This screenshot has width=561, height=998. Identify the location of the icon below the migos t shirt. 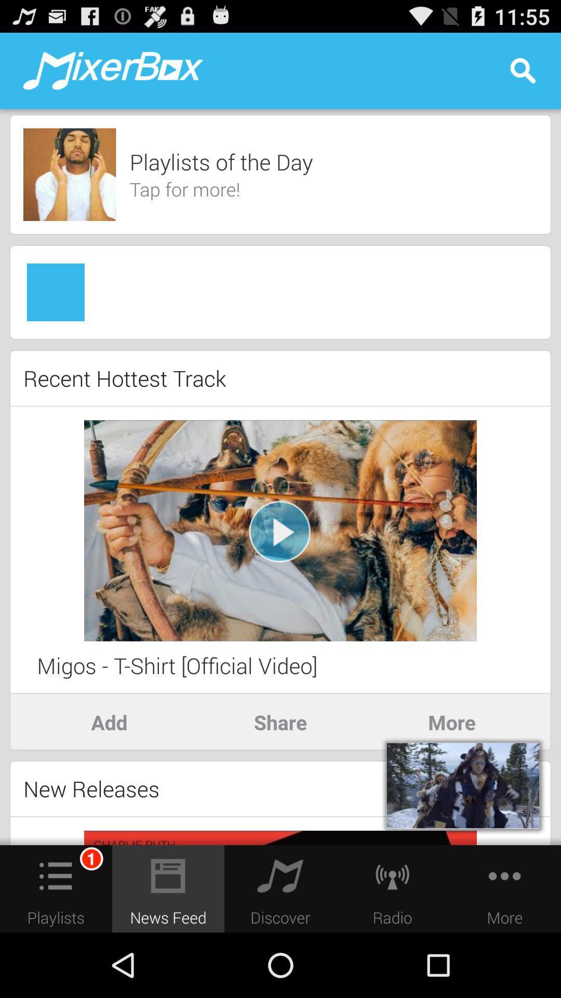
(109, 721).